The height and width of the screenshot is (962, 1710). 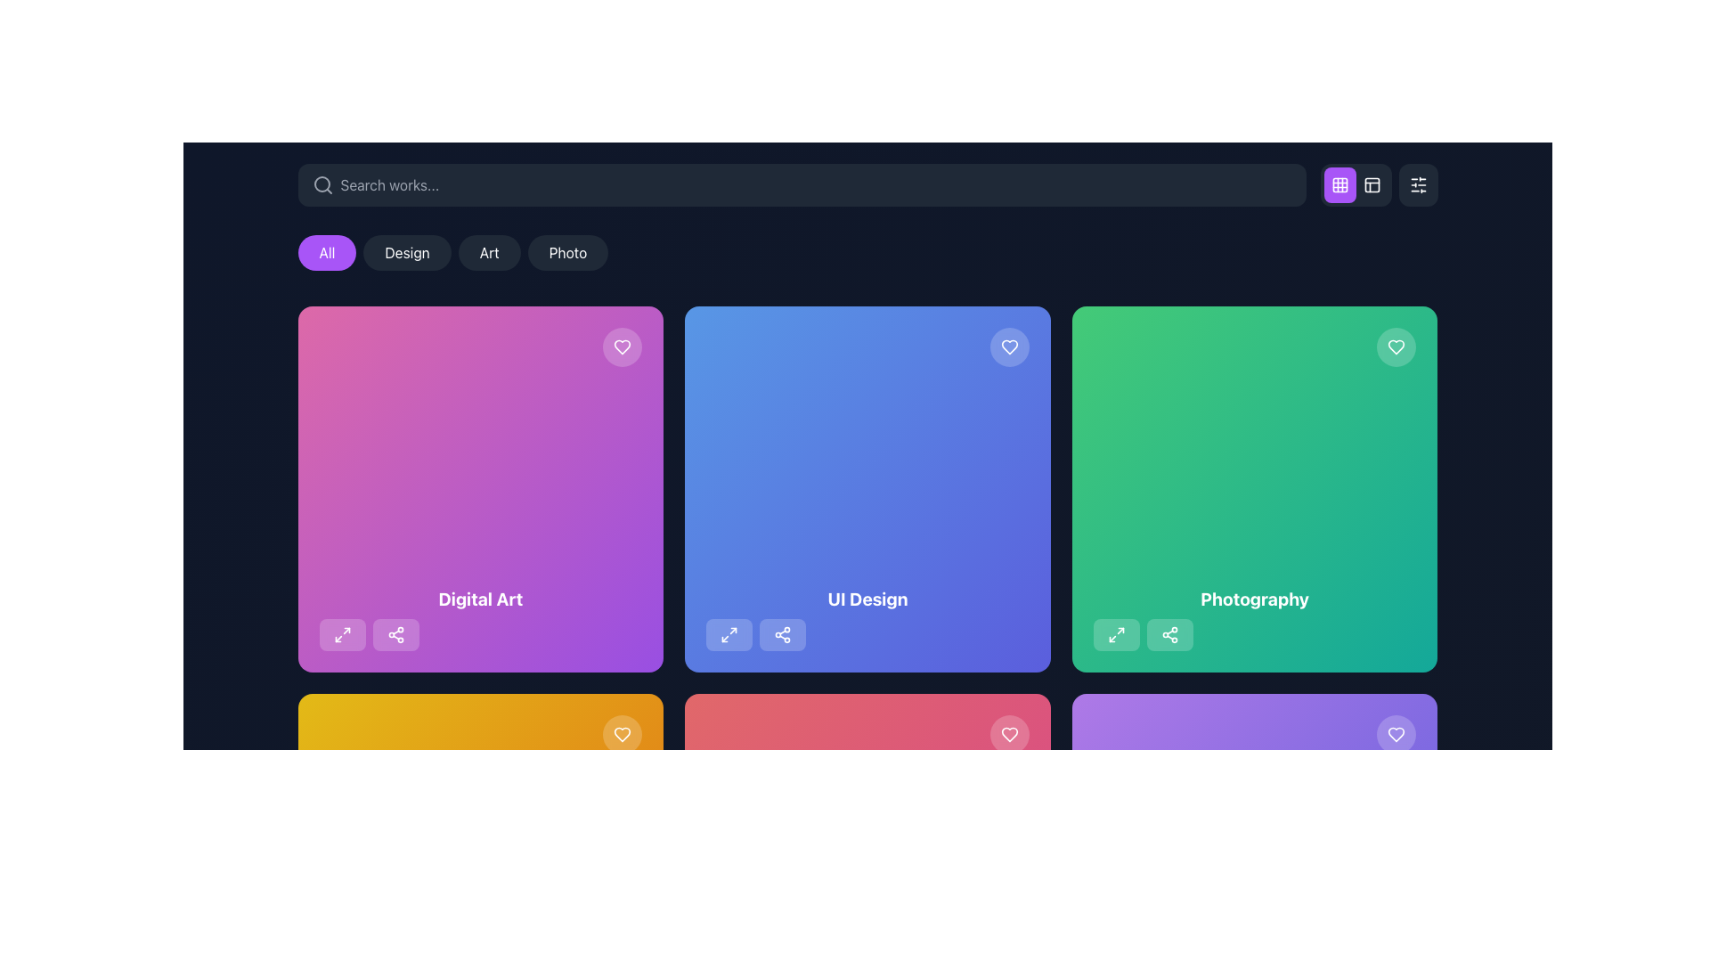 What do you see at coordinates (1396, 734) in the screenshot?
I see `the heart icon within the circular button on the top-right corner of the purple card labeled 'Digital Art' to mark it as a favorite` at bounding box center [1396, 734].